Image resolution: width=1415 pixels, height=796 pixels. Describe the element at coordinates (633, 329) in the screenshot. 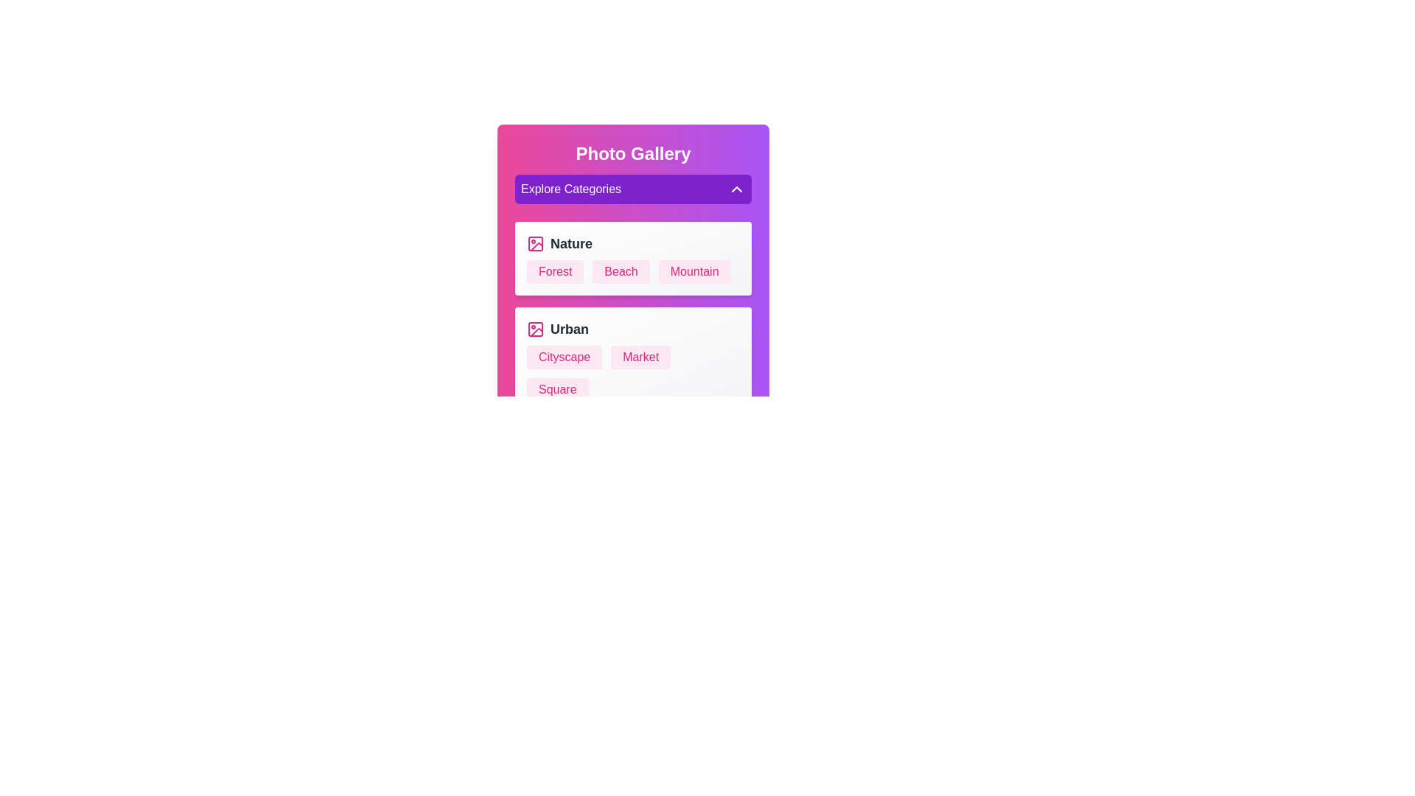

I see `the category Urban to explore it` at that location.